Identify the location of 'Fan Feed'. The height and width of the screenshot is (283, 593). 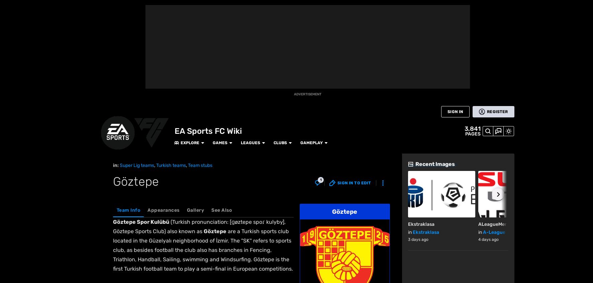
(128, 133).